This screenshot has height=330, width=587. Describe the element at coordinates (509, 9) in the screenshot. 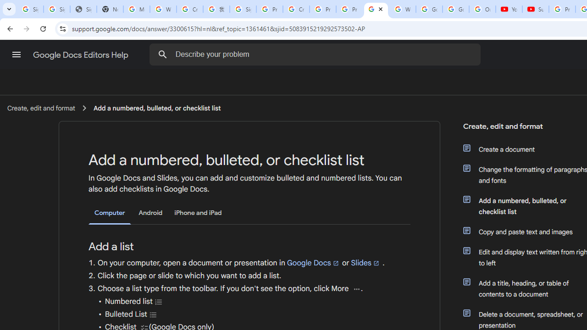

I see `'YouTube'` at that location.